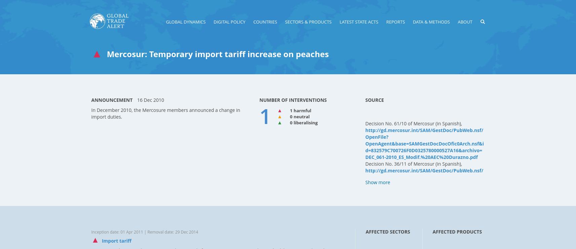 This screenshot has height=249, width=576. I want to click on 'COUNTRIES', so click(265, 21).